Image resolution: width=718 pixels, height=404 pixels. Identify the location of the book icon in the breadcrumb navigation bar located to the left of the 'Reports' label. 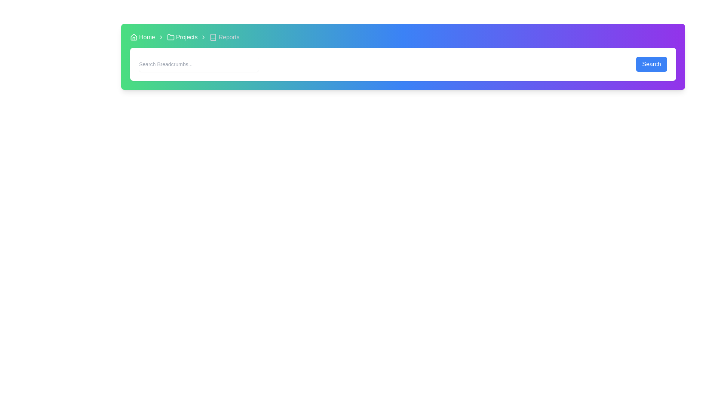
(213, 37).